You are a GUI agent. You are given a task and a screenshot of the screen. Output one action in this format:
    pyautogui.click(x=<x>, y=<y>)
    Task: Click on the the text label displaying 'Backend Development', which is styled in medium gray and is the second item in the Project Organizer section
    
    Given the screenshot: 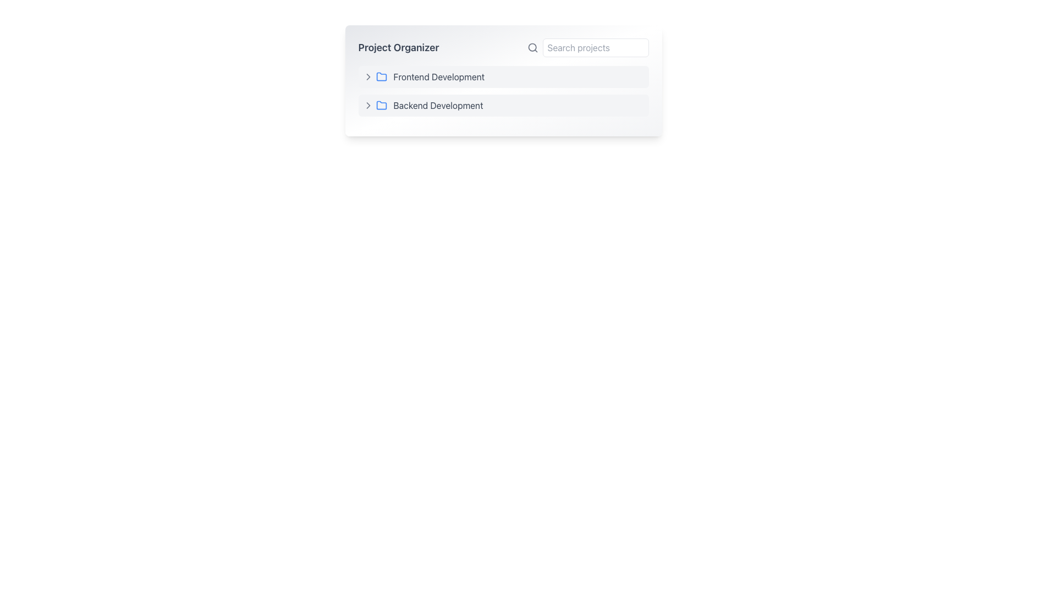 What is the action you would take?
    pyautogui.click(x=437, y=106)
    